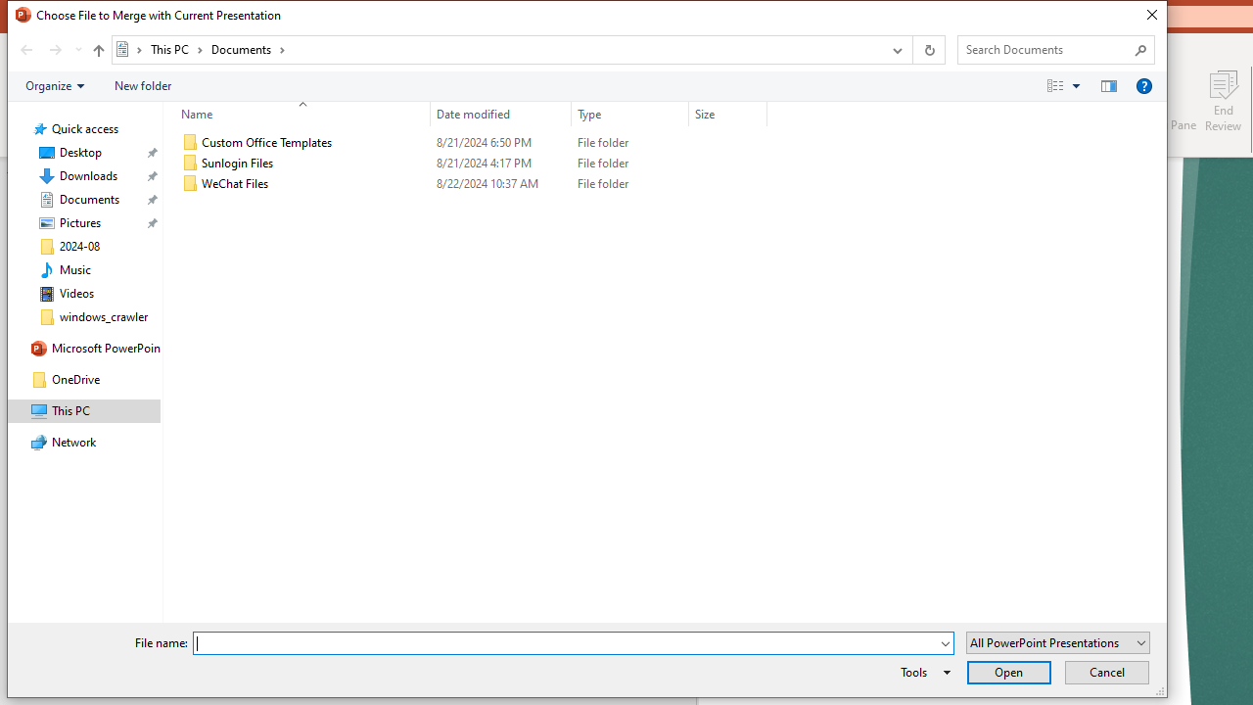  Describe the element at coordinates (1108, 84) in the screenshot. I see `'Preview pane'` at that location.